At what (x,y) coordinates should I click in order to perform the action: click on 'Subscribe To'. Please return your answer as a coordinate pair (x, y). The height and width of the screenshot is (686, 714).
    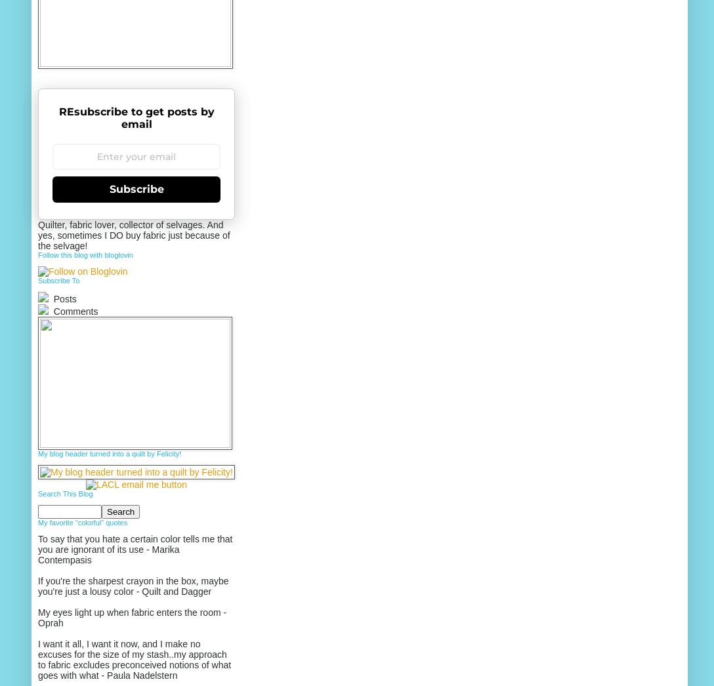
    Looking at the image, I should click on (58, 280).